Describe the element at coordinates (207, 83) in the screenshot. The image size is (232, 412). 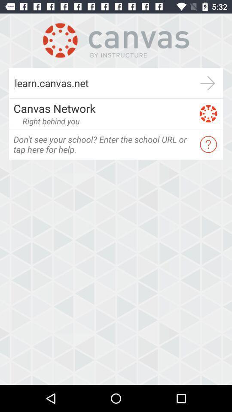
I see `item to the right of the learn.canvas.net` at that location.